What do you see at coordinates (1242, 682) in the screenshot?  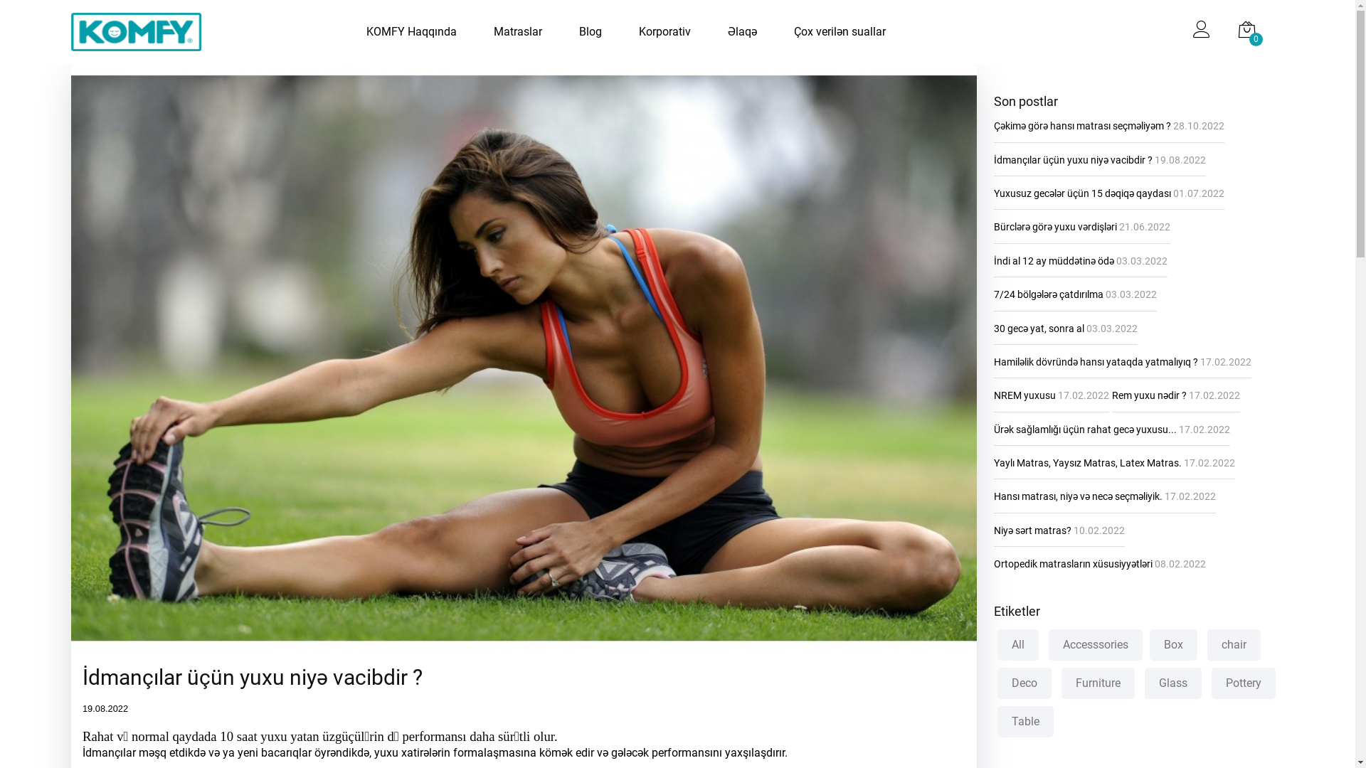 I see `'Pottery'` at bounding box center [1242, 682].